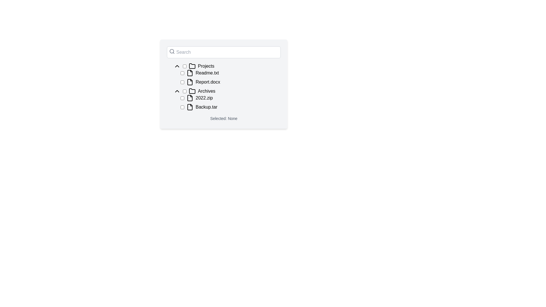  I want to click on the text label displaying '2022.zip', which is the first file listed under the expanded 'Archives' folder, so click(204, 98).